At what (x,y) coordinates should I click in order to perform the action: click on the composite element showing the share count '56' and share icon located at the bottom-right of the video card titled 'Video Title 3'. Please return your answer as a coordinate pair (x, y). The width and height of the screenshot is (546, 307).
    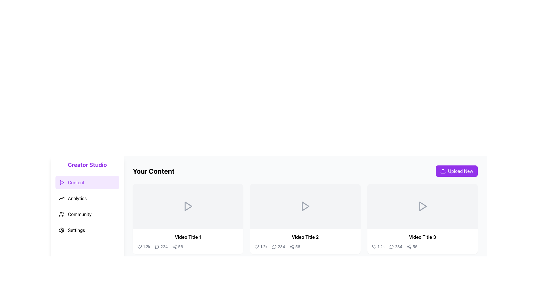
    Looking at the image, I should click on (412, 246).